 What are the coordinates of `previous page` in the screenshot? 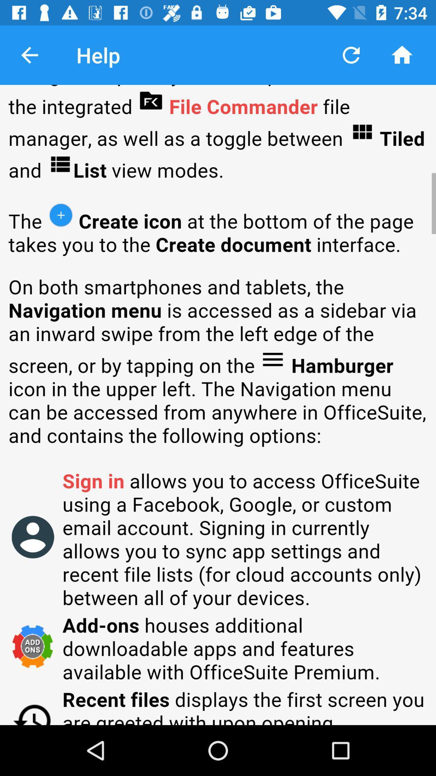 It's located at (29, 55).